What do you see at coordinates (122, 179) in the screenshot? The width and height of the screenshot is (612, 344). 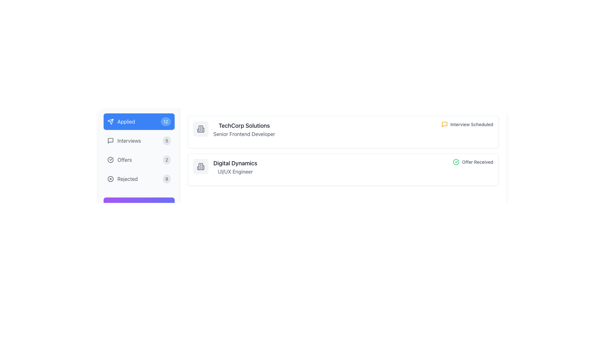 I see `the 'Rejected' label with the circular cross icon located in the vertical navigation panel under the 'Applied' menu` at bounding box center [122, 179].